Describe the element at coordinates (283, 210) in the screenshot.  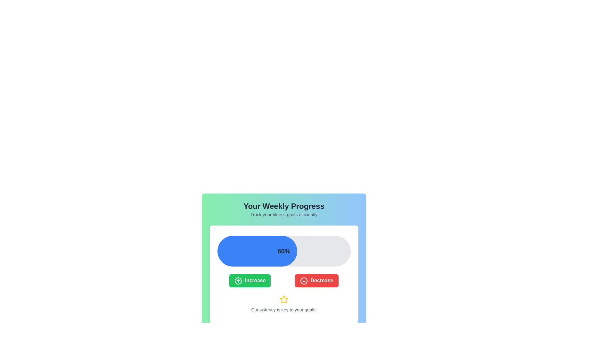
I see `text from the Text Header located at the top of the rectangular card with a gradient green-to-blue background, above the progress bar and buttons labeled 'Increase' and 'Decrease'` at that location.